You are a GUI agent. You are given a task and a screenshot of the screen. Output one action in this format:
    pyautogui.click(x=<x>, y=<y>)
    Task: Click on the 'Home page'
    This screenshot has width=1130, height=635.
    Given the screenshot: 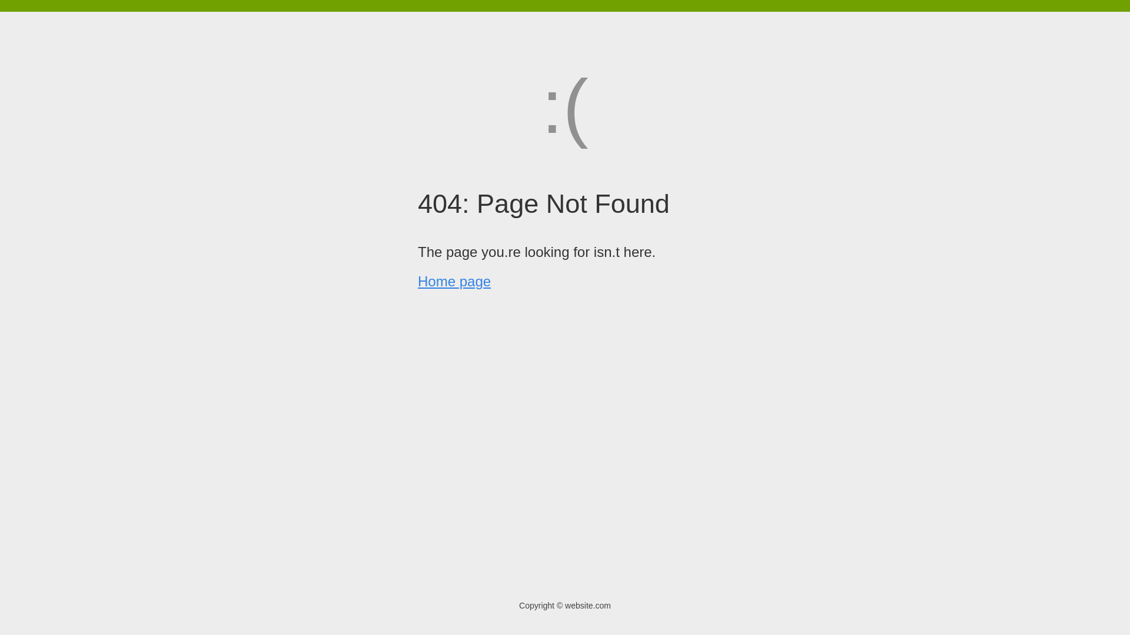 What is the action you would take?
    pyautogui.click(x=418, y=281)
    